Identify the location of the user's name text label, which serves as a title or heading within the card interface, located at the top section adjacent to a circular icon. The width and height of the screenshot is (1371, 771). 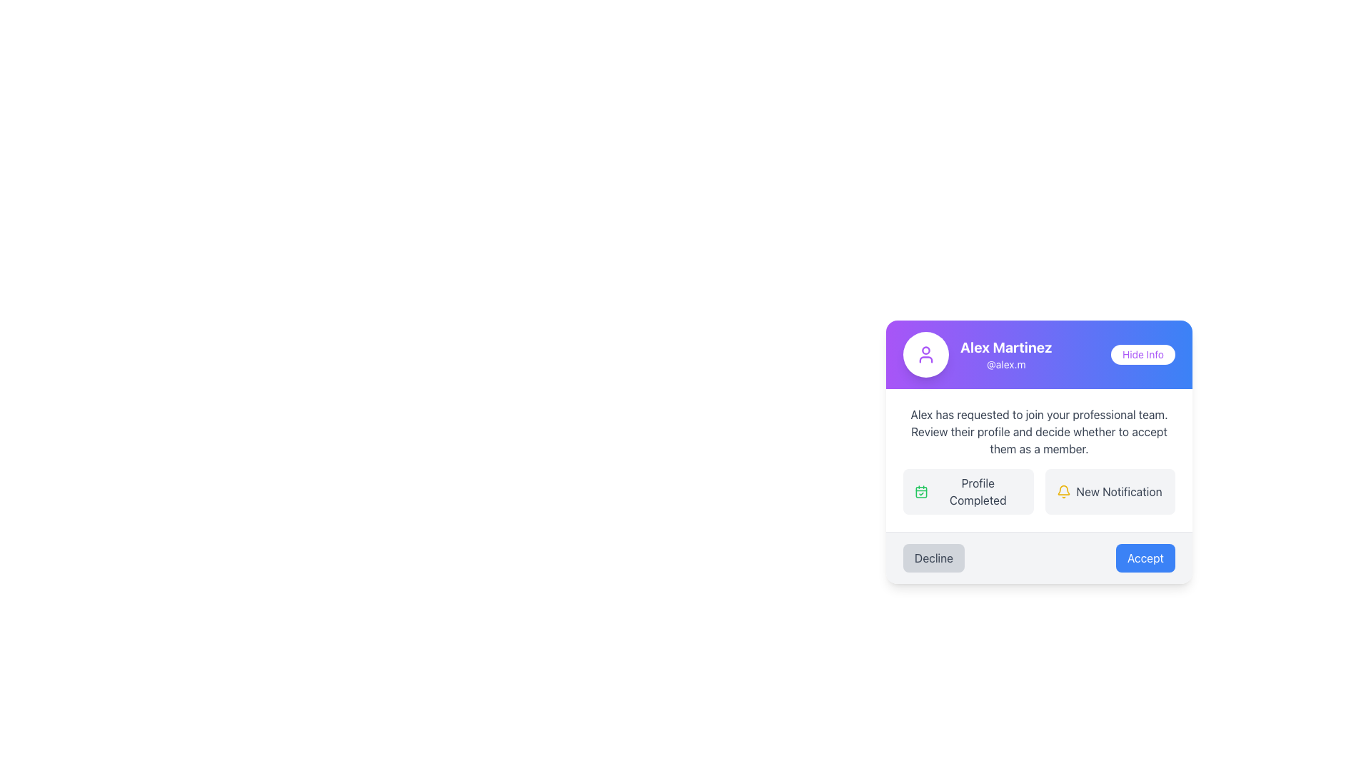
(1005, 347).